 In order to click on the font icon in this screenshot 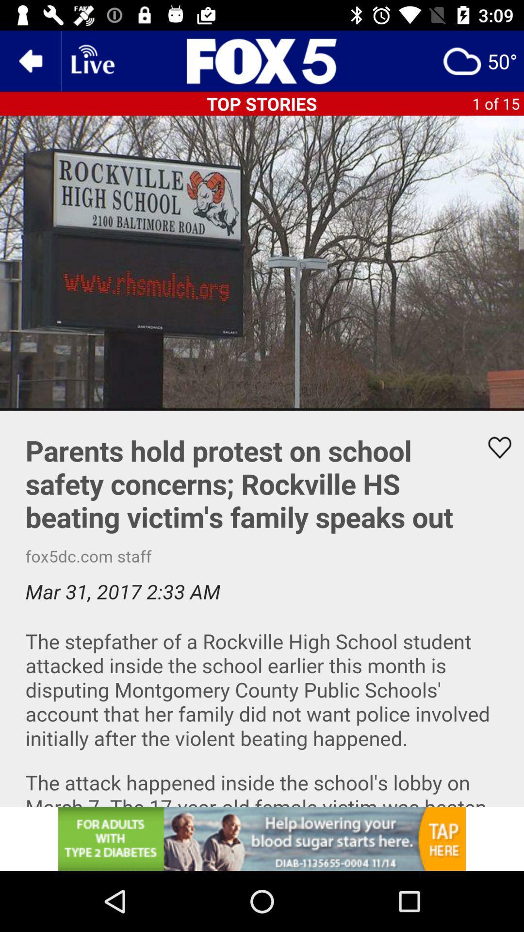, I will do `click(262, 60)`.